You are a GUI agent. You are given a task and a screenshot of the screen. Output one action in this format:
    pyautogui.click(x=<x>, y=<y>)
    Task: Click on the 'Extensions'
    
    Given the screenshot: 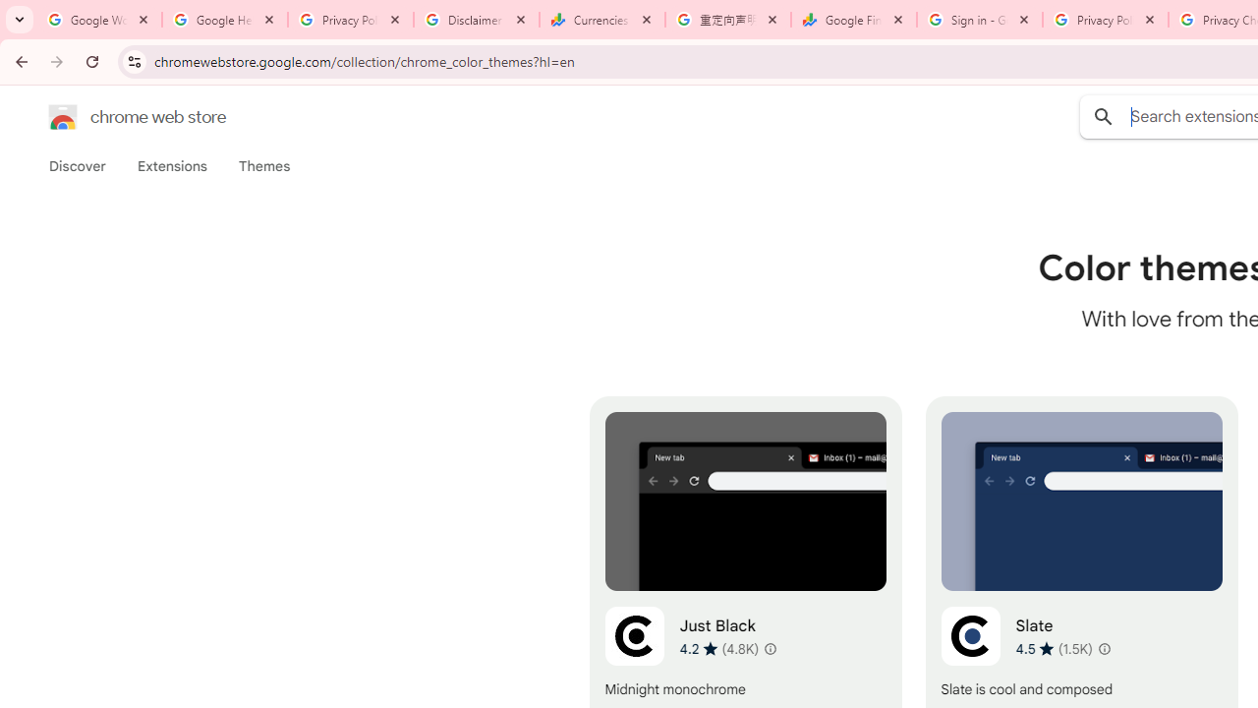 What is the action you would take?
    pyautogui.click(x=171, y=165)
    